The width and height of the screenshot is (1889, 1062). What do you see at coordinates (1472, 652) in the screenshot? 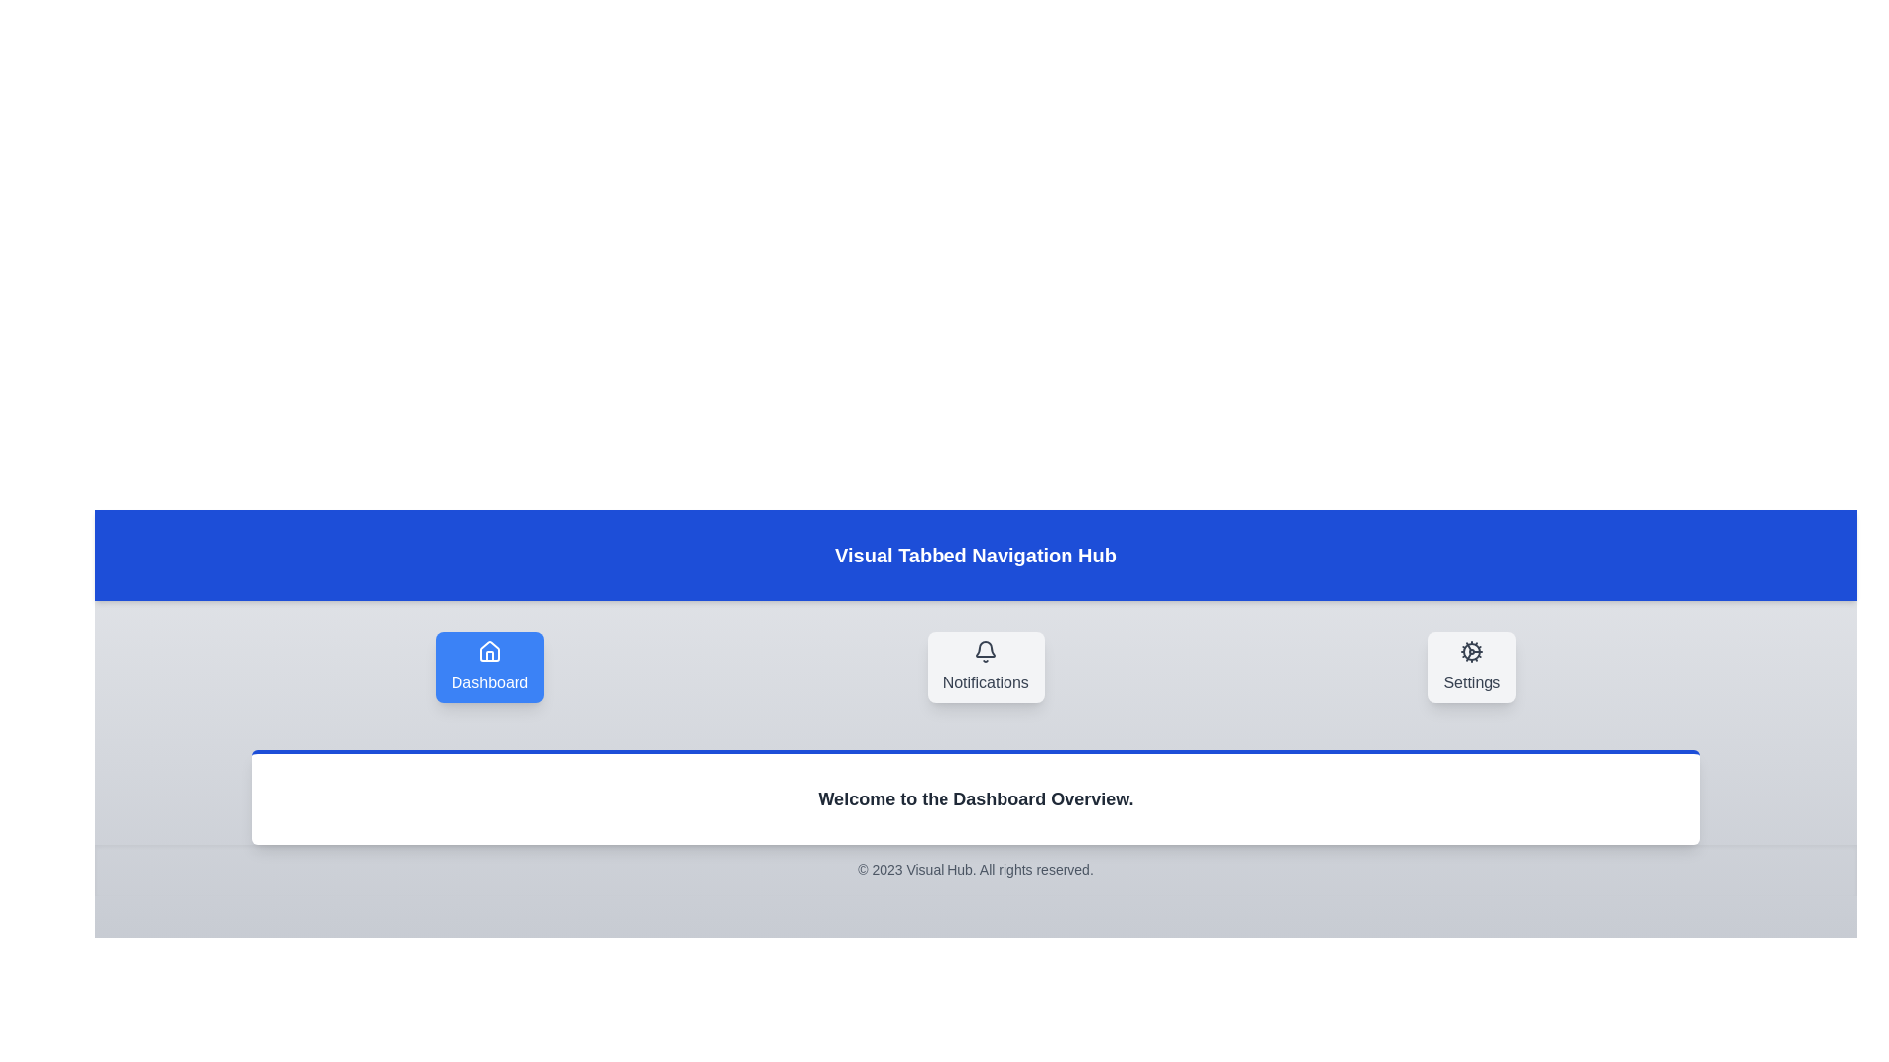
I see `the 'Settings' icon located within the navigation section` at bounding box center [1472, 652].